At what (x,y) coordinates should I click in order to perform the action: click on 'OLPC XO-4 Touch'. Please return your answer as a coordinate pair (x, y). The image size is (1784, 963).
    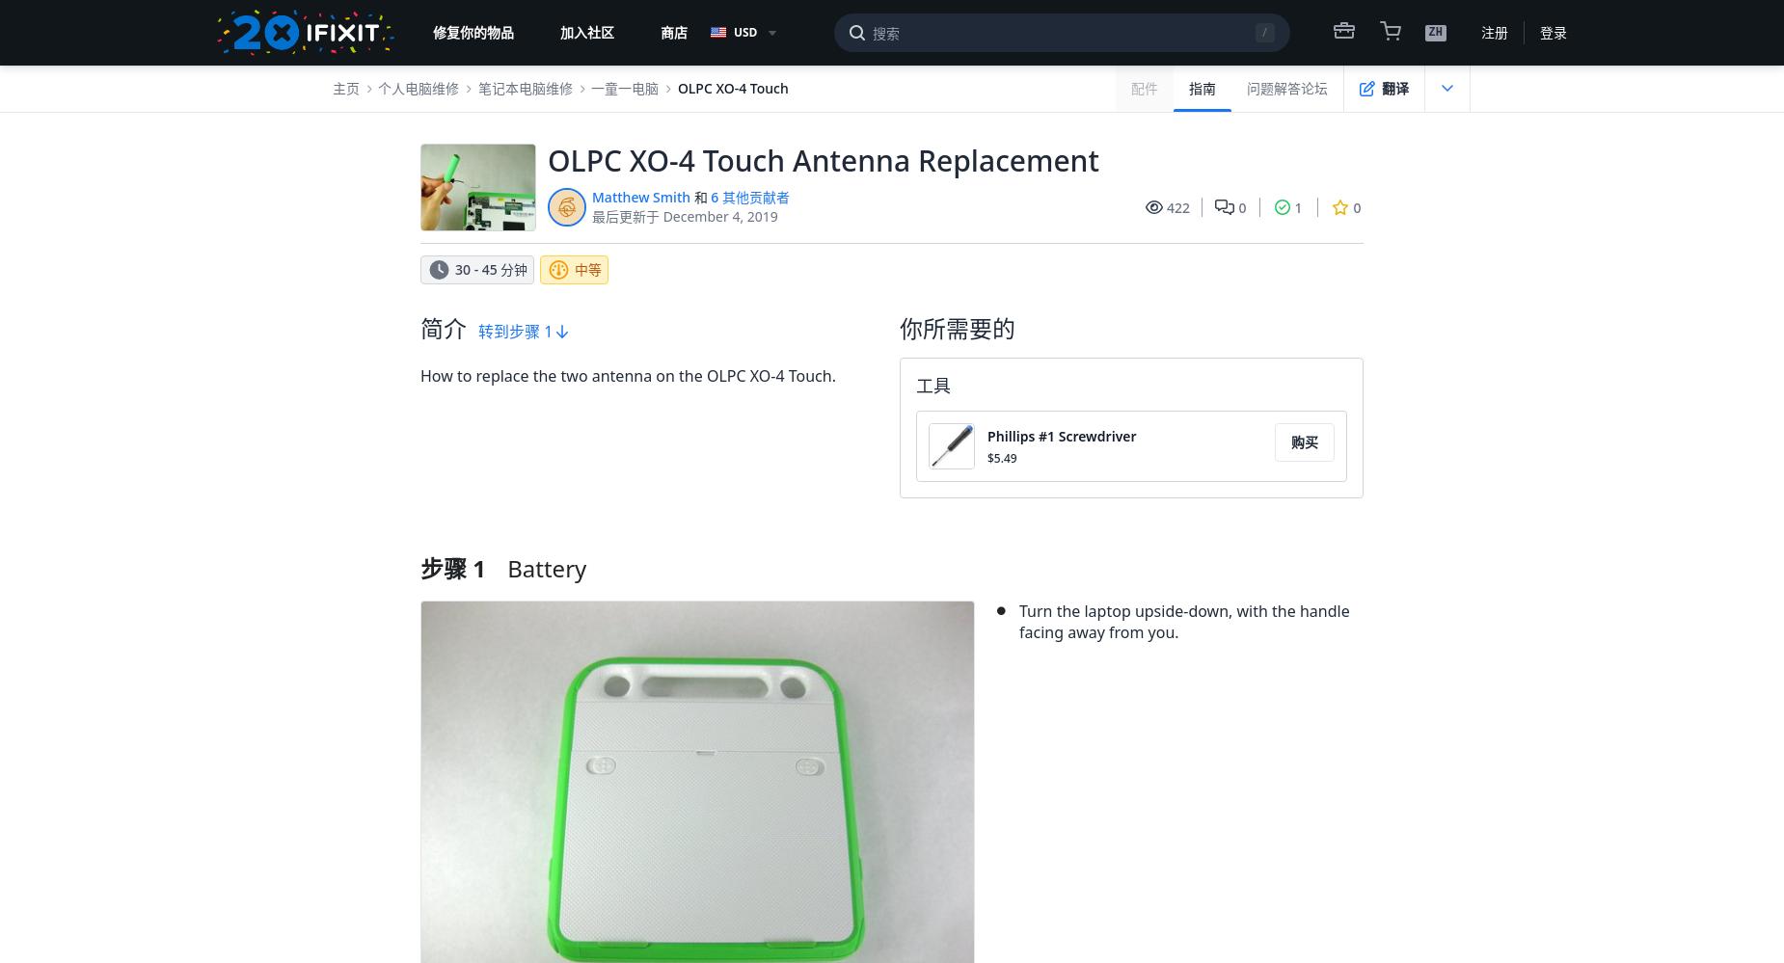
    Looking at the image, I should click on (677, 87).